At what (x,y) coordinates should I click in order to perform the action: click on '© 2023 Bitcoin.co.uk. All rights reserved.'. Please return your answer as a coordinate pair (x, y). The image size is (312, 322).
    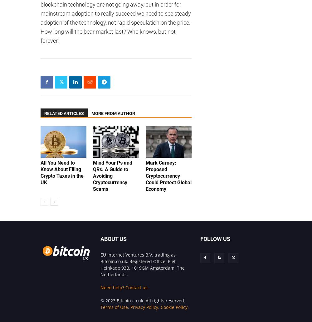
    Looking at the image, I should click on (143, 300).